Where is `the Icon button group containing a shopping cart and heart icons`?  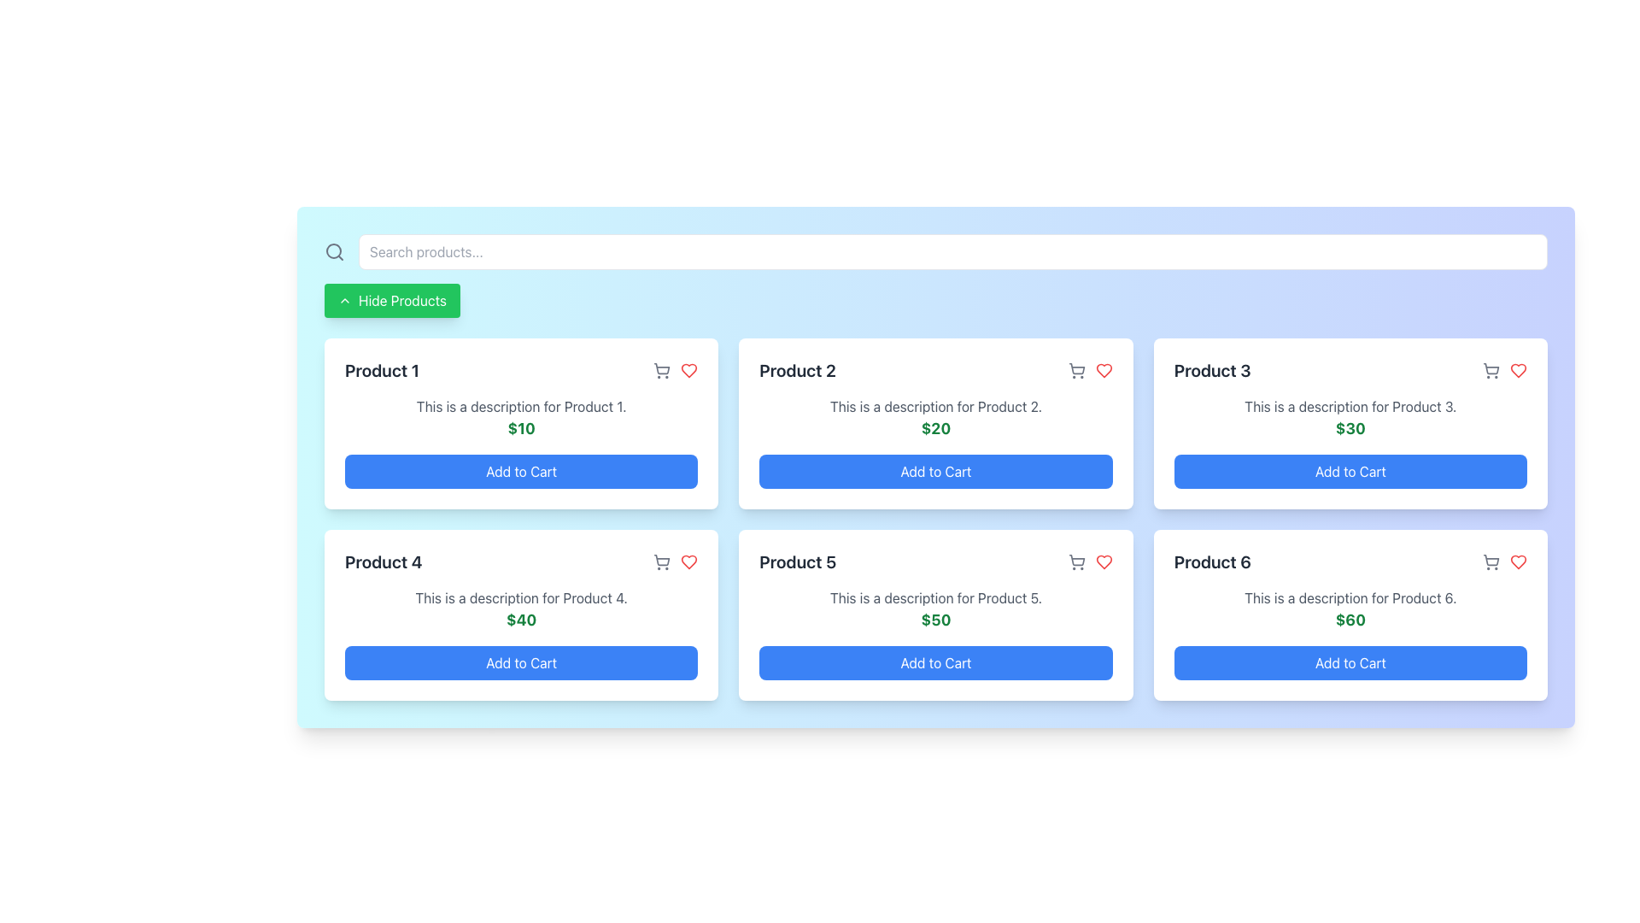 the Icon button group containing a shopping cart and heart icons is located at coordinates (675, 370).